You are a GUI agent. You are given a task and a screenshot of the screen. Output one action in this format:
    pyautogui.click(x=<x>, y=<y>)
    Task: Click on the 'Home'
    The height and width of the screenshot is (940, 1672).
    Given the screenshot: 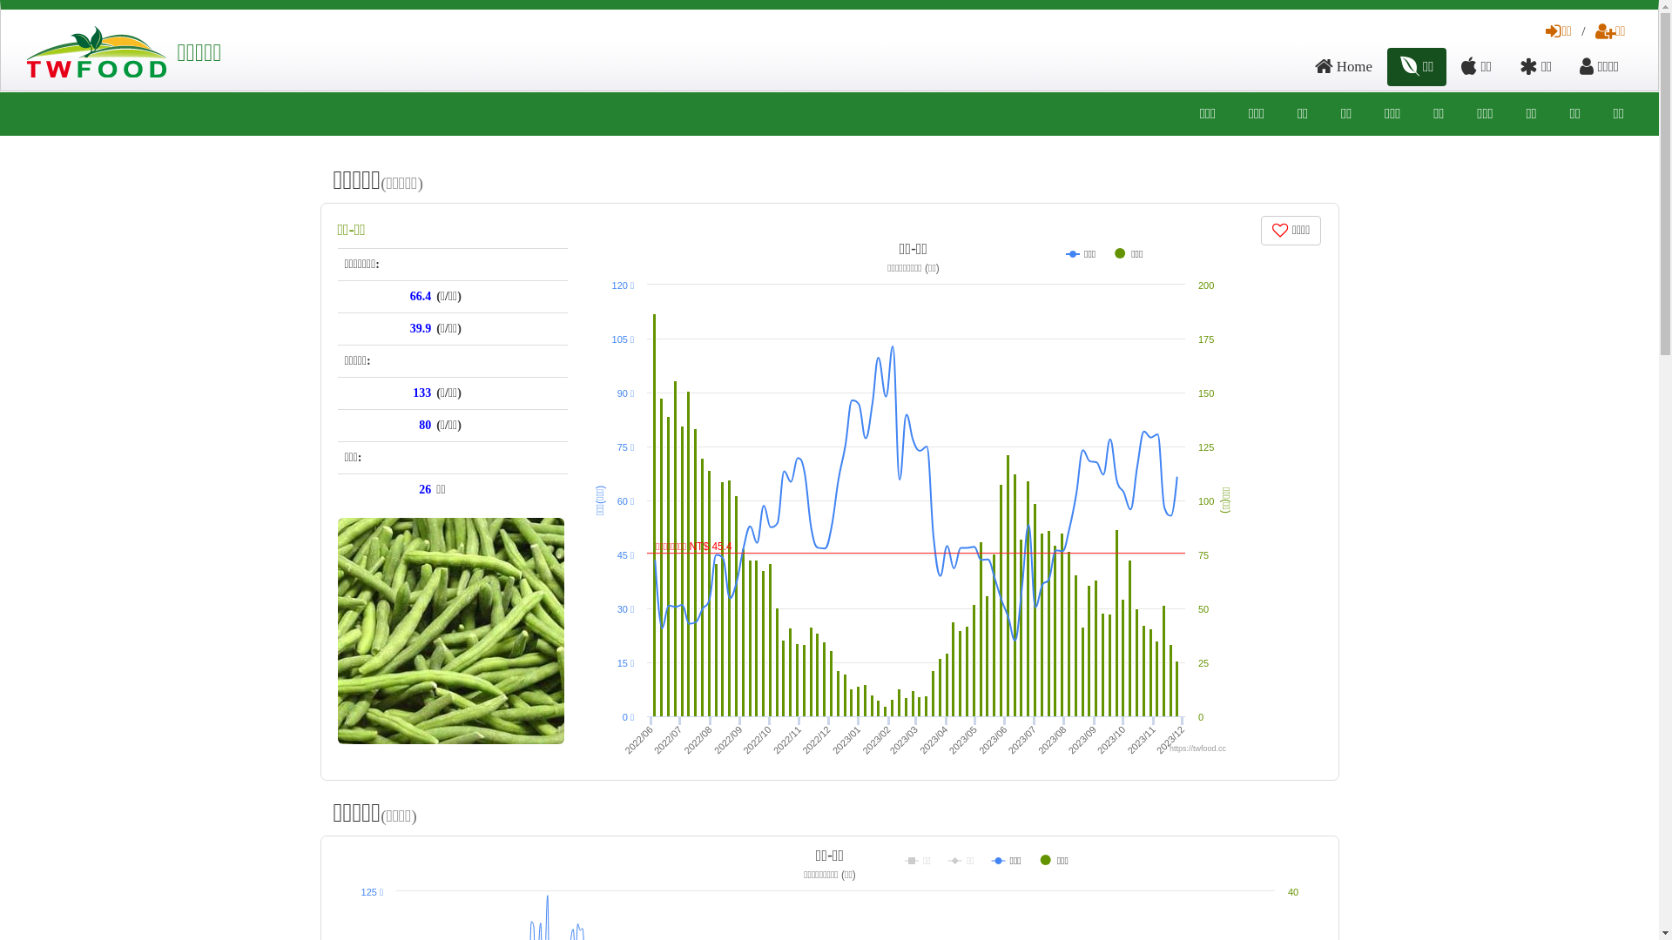 What is the action you would take?
    pyautogui.click(x=1342, y=66)
    